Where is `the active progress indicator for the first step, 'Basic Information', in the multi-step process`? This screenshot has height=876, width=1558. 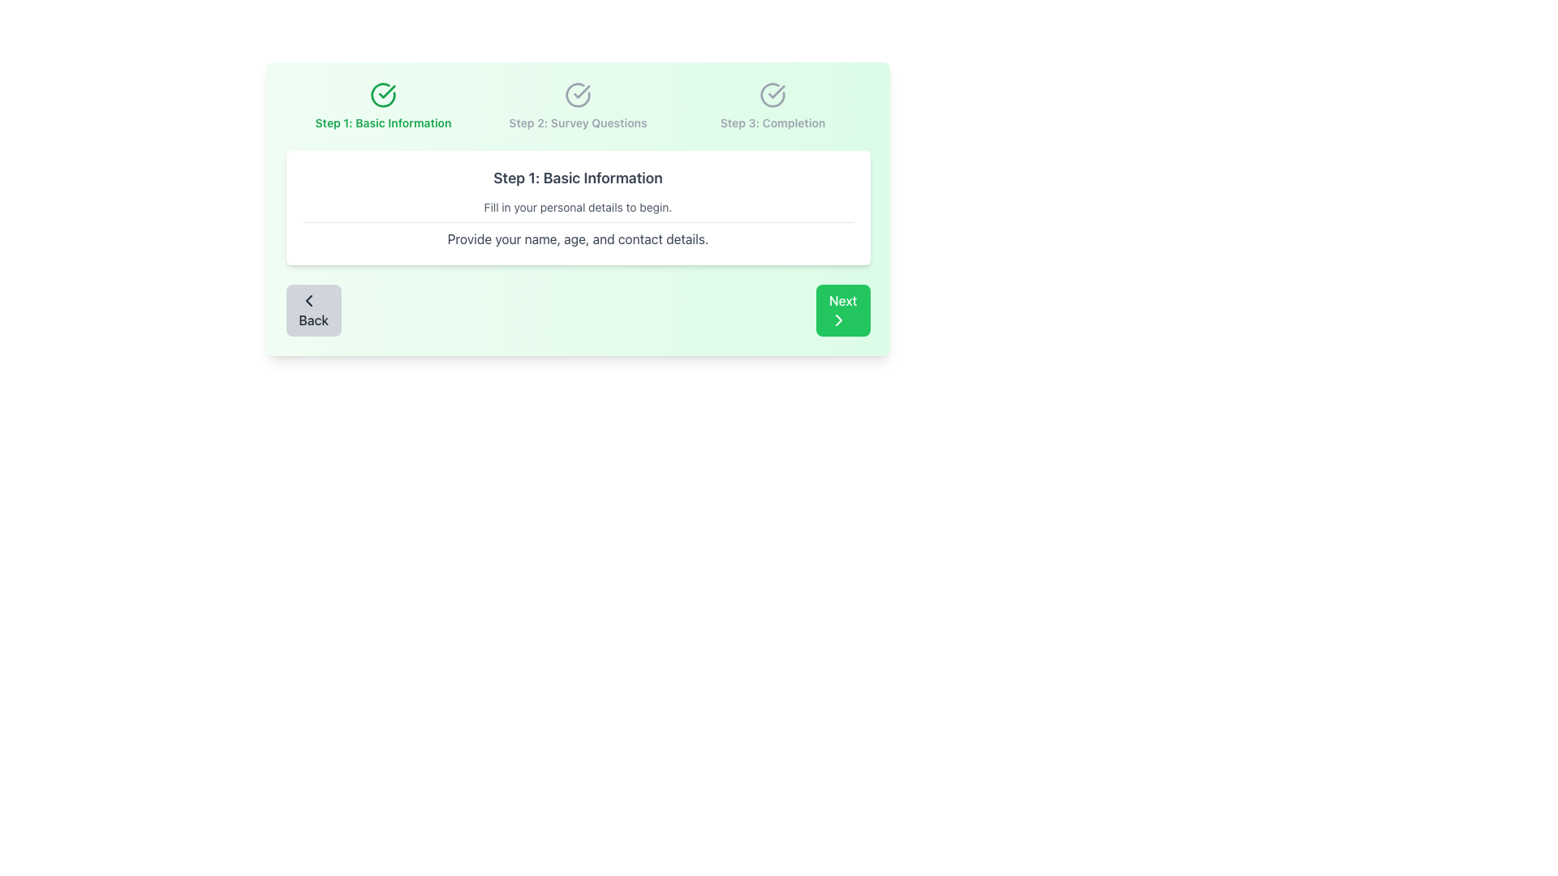
the active progress indicator for the first step, 'Basic Information', in the multi-step process is located at coordinates (382, 106).